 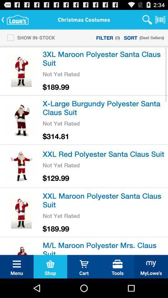 I want to click on the icon to the right of (0), so click(x=130, y=37).